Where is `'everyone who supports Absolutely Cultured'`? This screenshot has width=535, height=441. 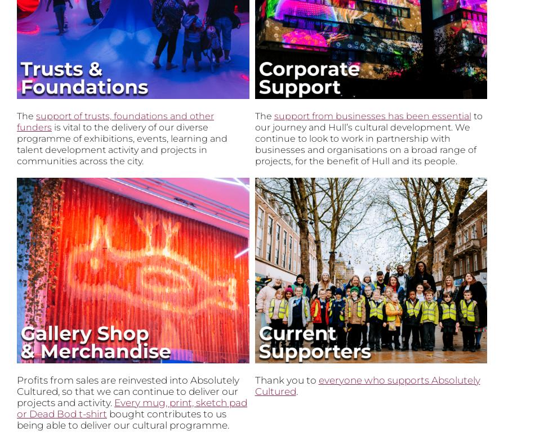 'everyone who supports Absolutely Cultured' is located at coordinates (254, 385).